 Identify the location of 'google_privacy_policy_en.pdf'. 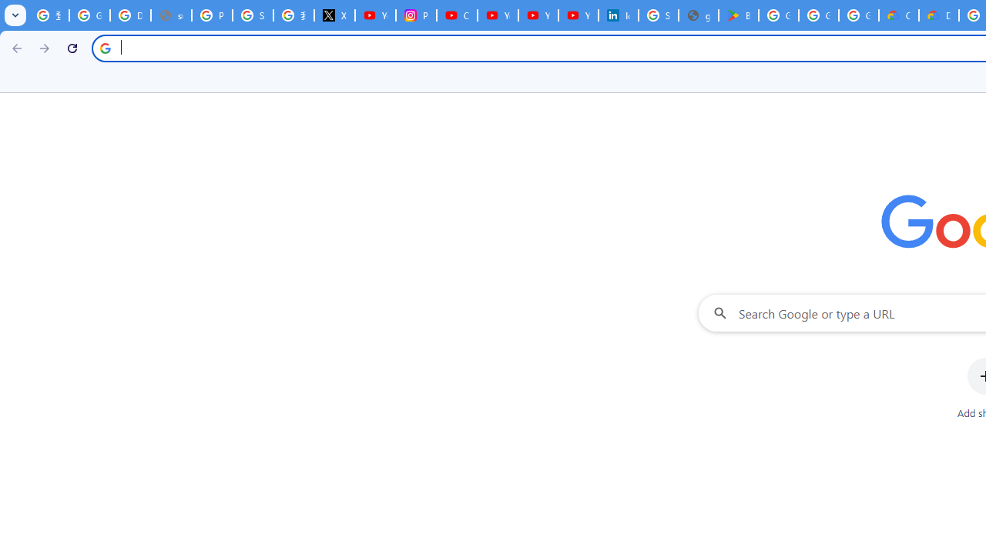
(697, 15).